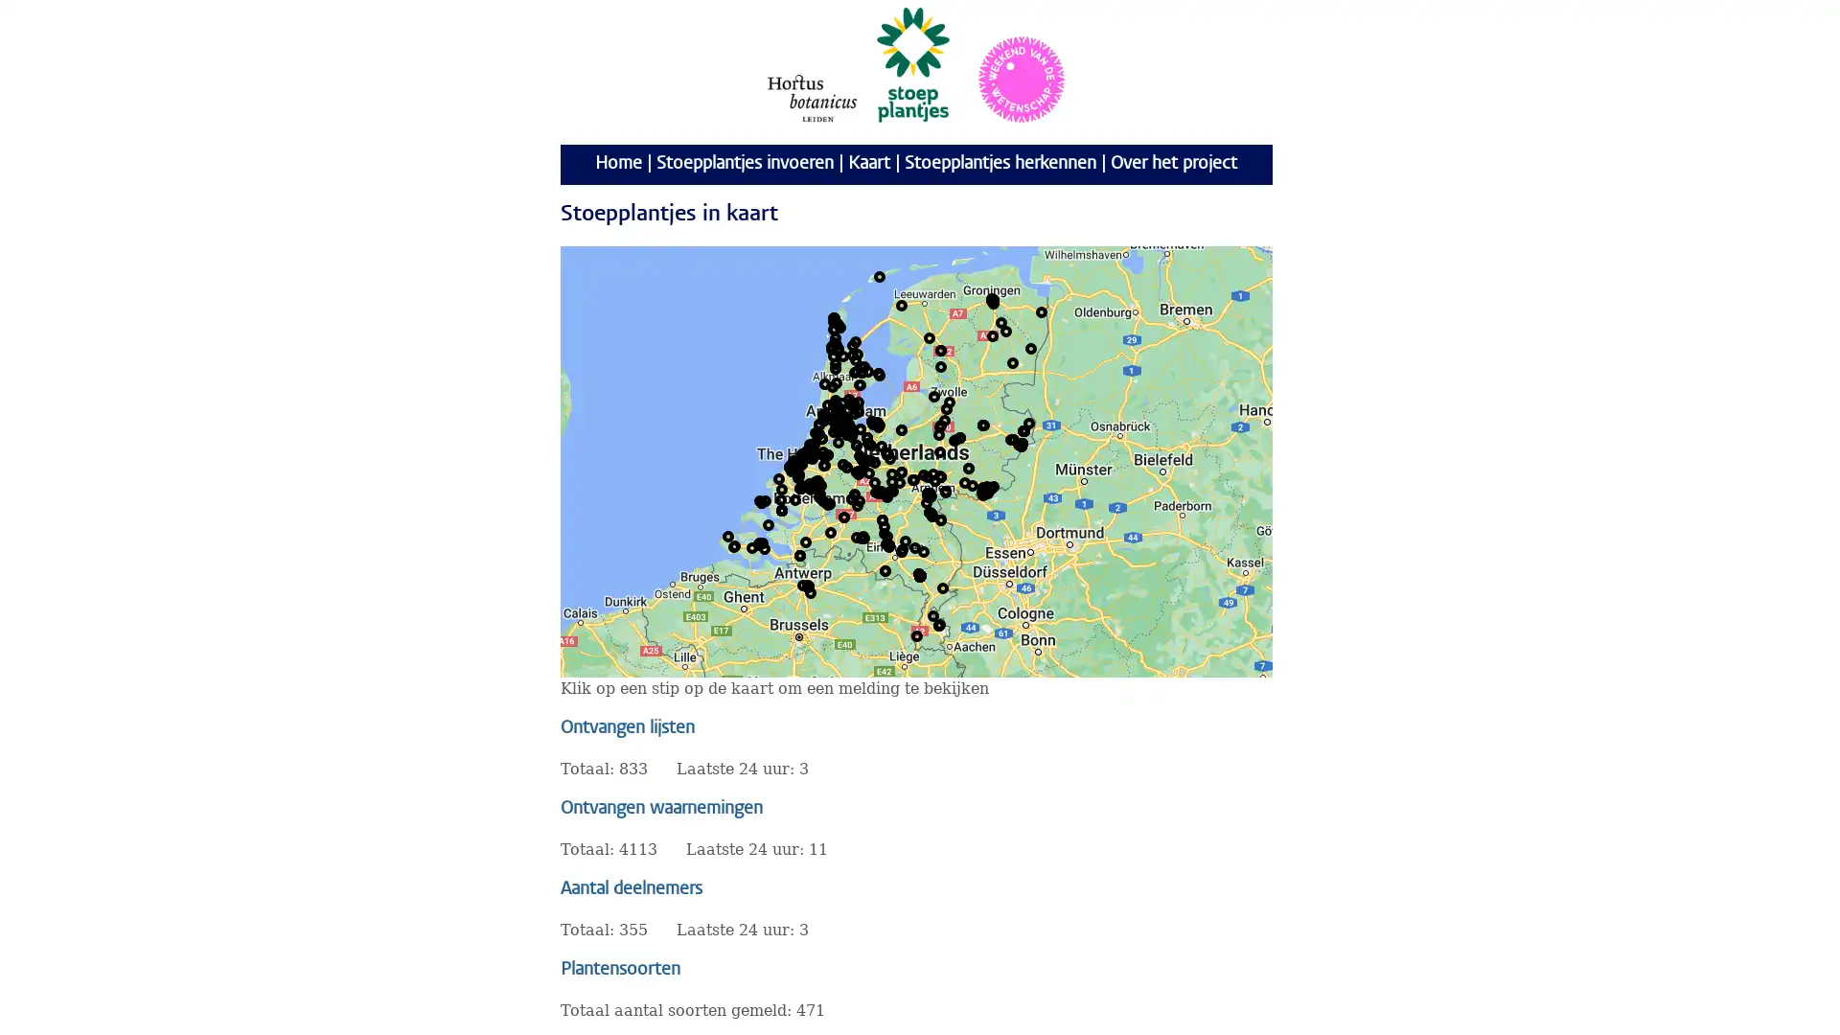 This screenshot has height=1035, width=1840. Describe the element at coordinates (850, 497) in the screenshot. I see `Telling van op 30 oktober 2021` at that location.